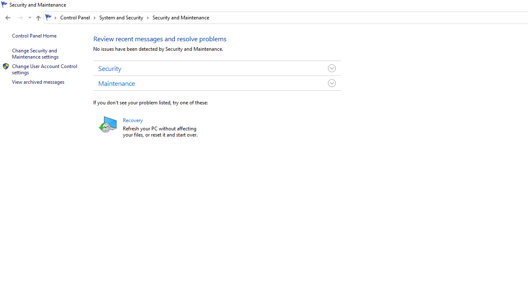  What do you see at coordinates (332, 68) in the screenshot?
I see `'Toggle Security Group'` at bounding box center [332, 68].